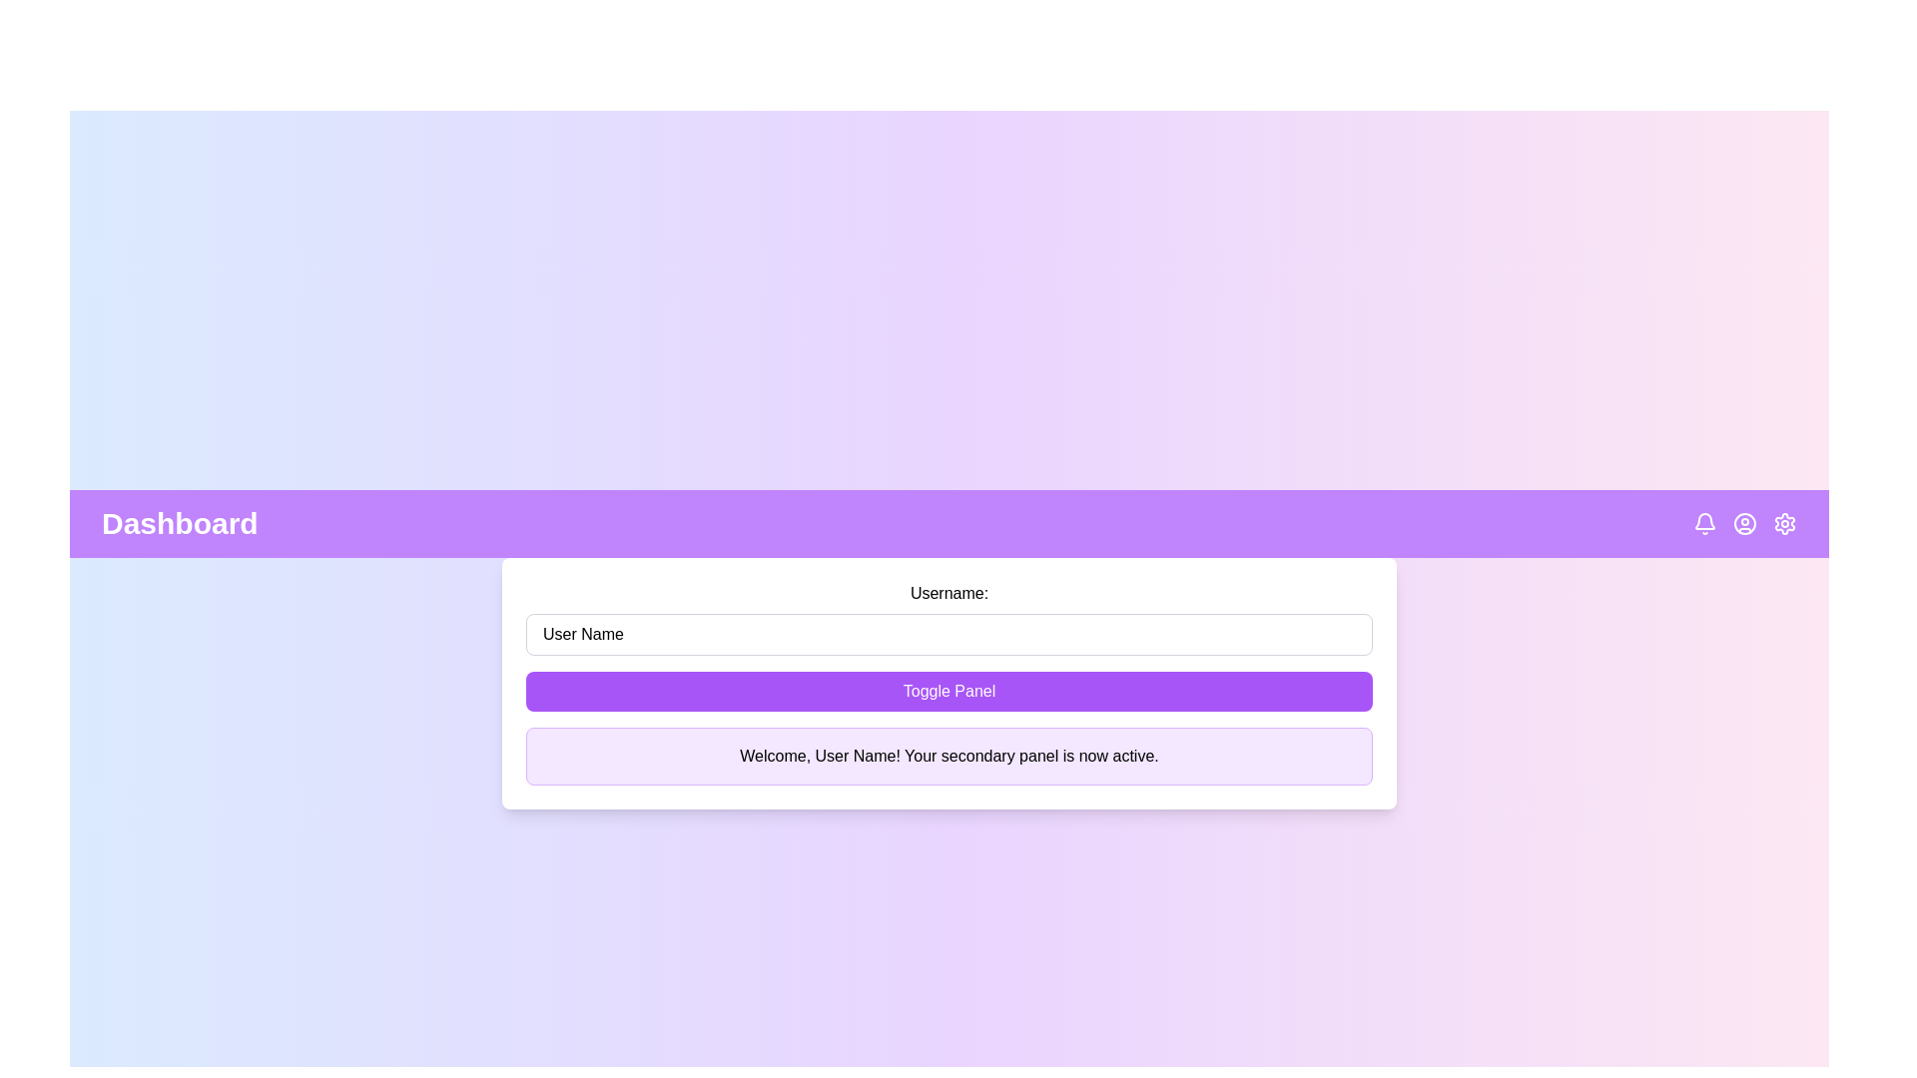  Describe the element at coordinates (948, 691) in the screenshot. I see `the 'Toggle Panel' button, which has a purple background and white text, located below the 'Username:' input field and above the welcome message` at that location.